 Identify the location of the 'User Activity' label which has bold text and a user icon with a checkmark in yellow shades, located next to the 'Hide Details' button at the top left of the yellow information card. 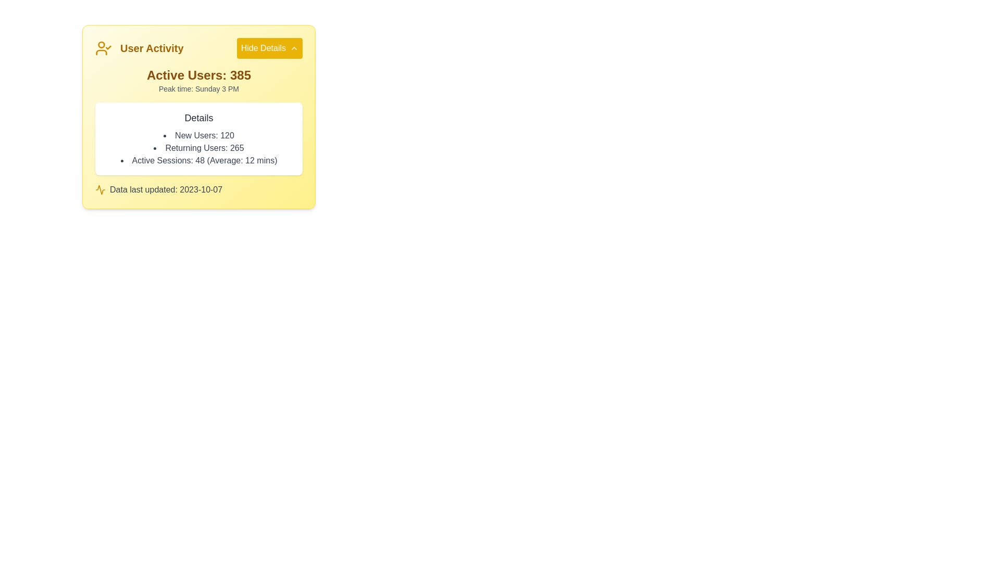
(139, 48).